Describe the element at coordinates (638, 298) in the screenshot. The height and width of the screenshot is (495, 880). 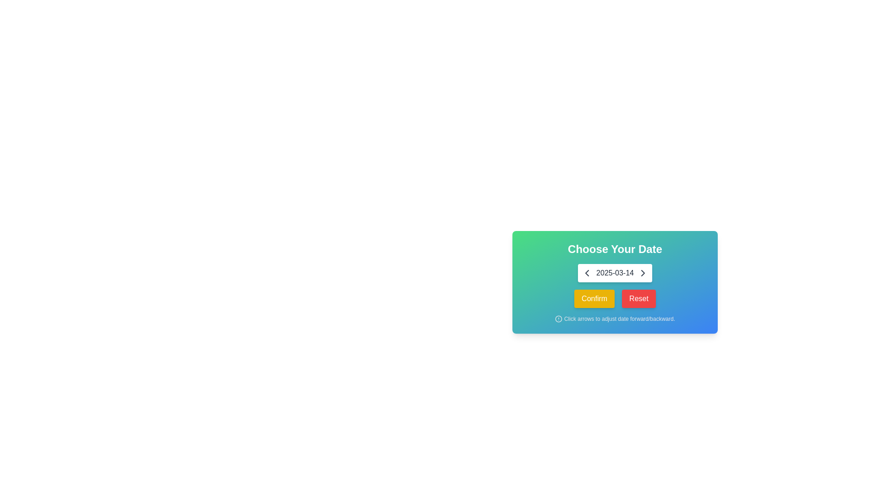
I see `the rightmost button in the row at the bottom of the card interface` at that location.